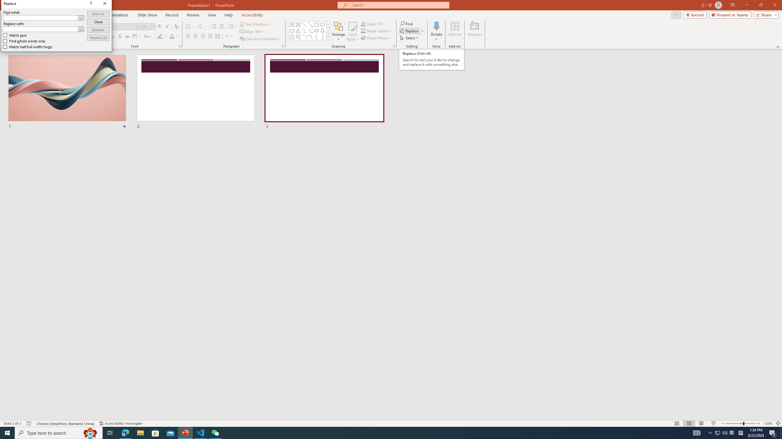  Describe the element at coordinates (41, 18) in the screenshot. I see `'Find what'` at that location.